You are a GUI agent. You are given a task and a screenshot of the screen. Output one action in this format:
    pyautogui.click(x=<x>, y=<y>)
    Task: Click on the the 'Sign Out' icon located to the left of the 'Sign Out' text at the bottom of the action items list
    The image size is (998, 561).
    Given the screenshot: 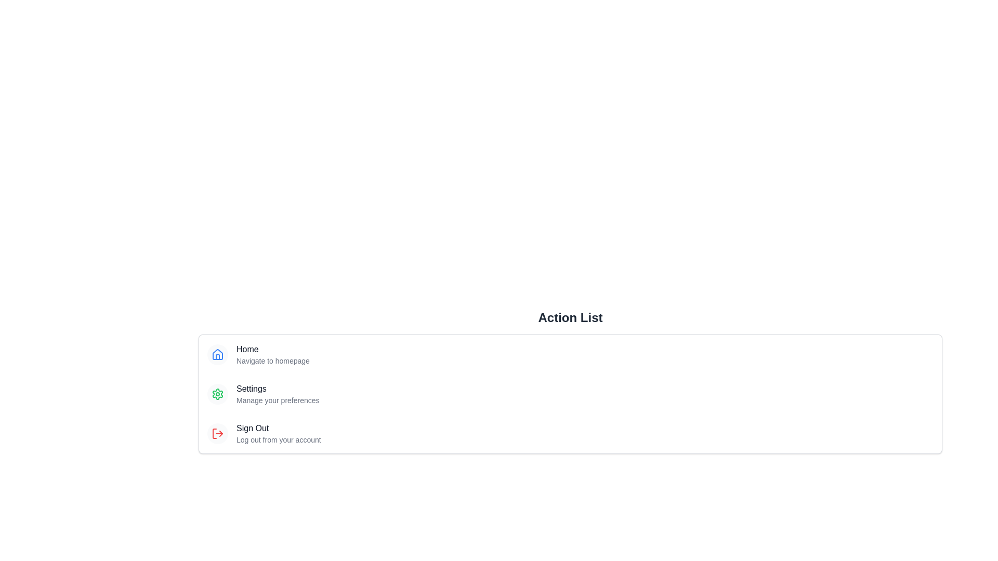 What is the action you would take?
    pyautogui.click(x=217, y=433)
    